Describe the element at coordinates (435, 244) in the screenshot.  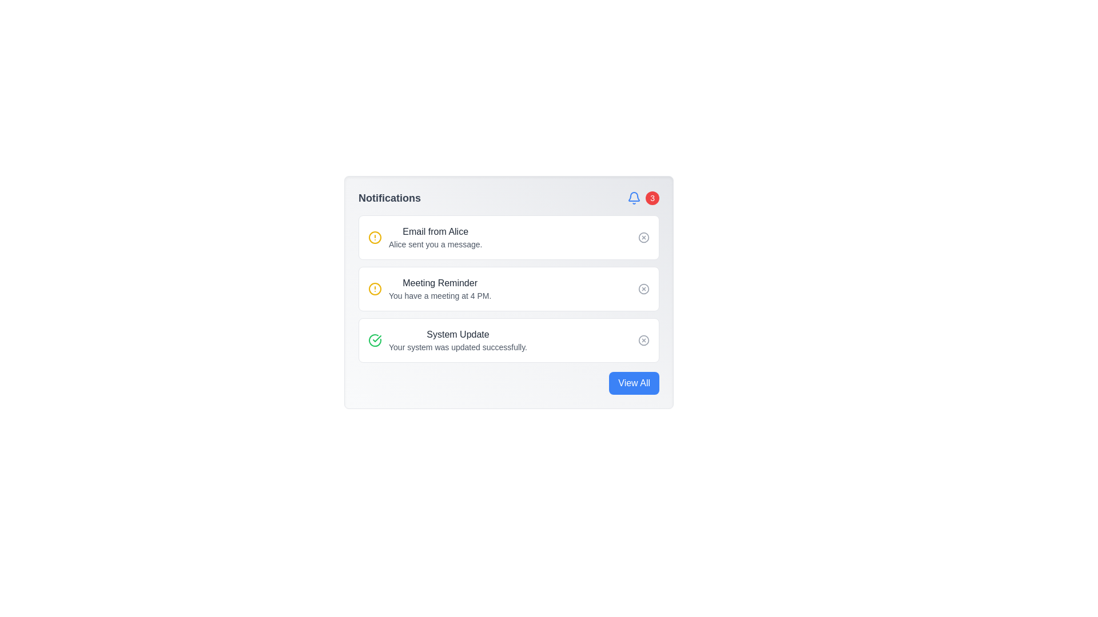
I see `the static text element that reads 'Alice sent you a message.' which is located in the first notification block directly below 'Email from Alice.'` at that location.